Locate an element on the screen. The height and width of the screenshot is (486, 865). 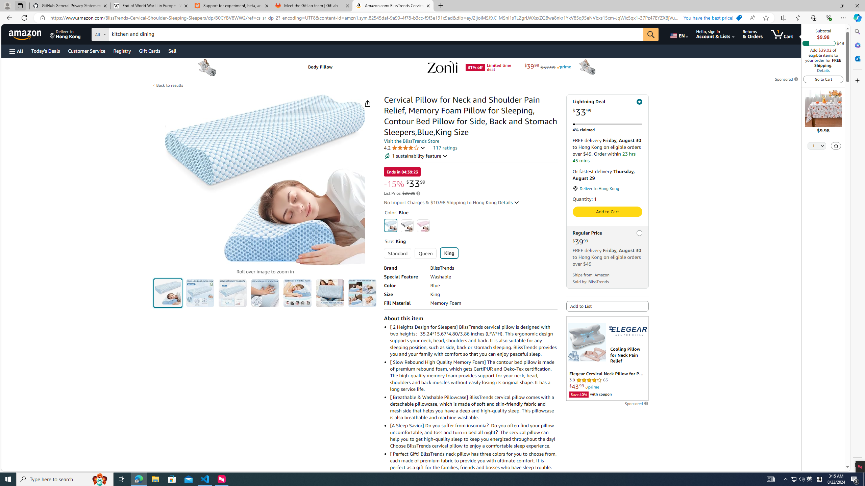
'Standard' is located at coordinates (397, 253).